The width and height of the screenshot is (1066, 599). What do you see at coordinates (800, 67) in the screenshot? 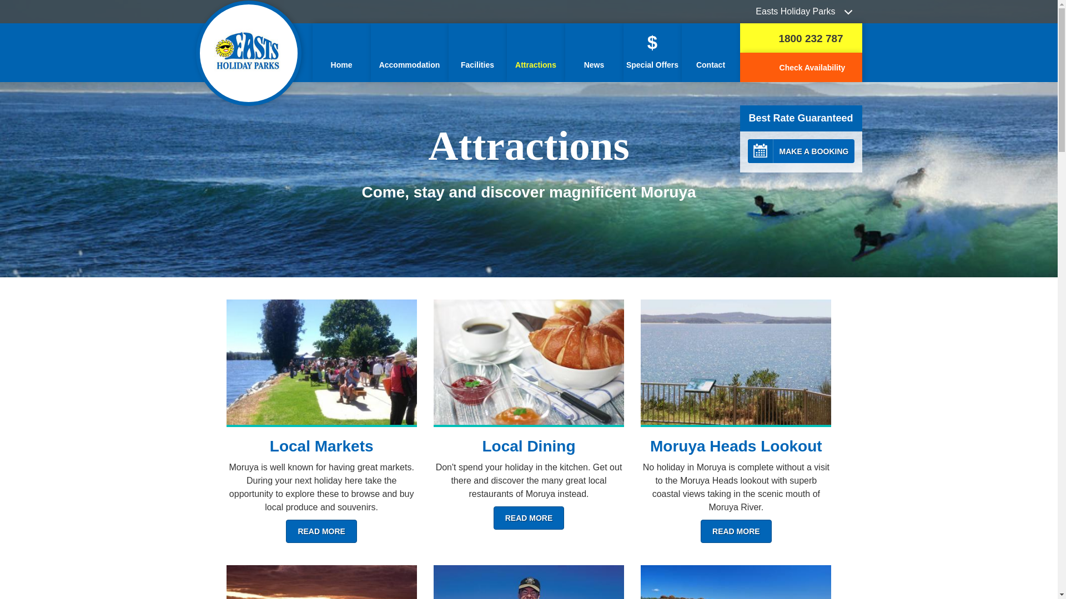
I see `'Check Availability'` at bounding box center [800, 67].